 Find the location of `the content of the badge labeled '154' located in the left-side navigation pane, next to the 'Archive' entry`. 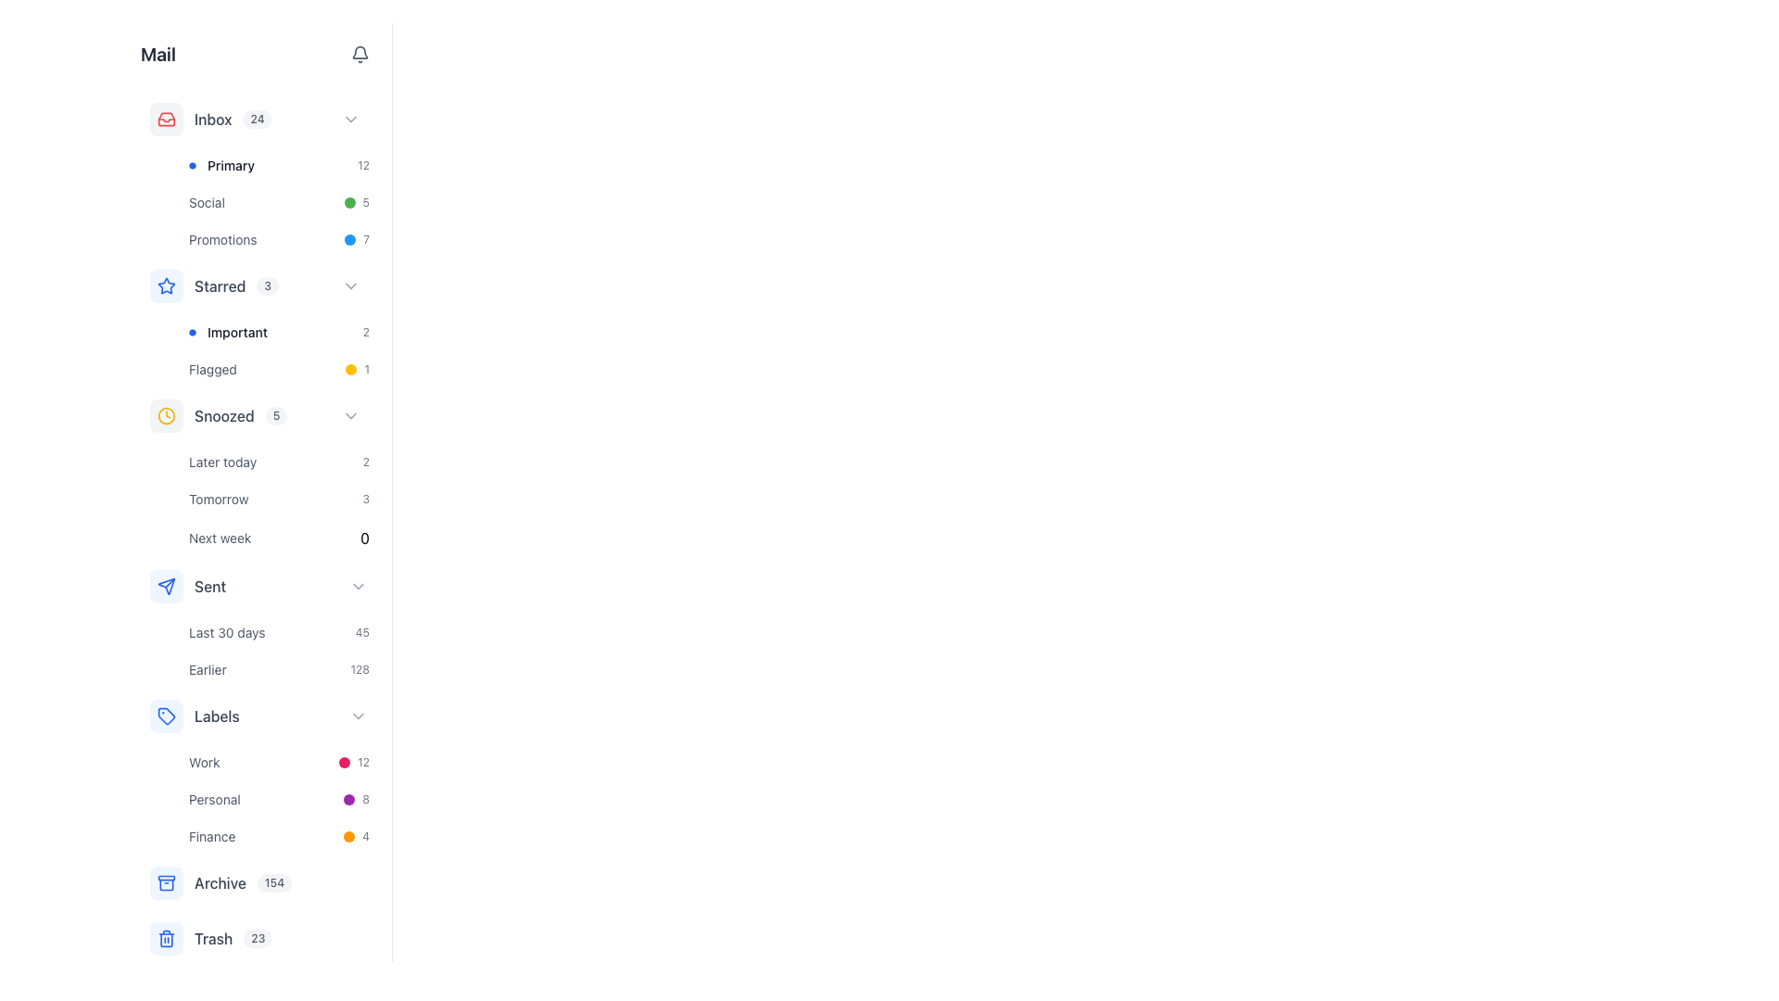

the content of the badge labeled '154' located in the left-side navigation pane, next to the 'Archive' entry is located at coordinates (273, 881).